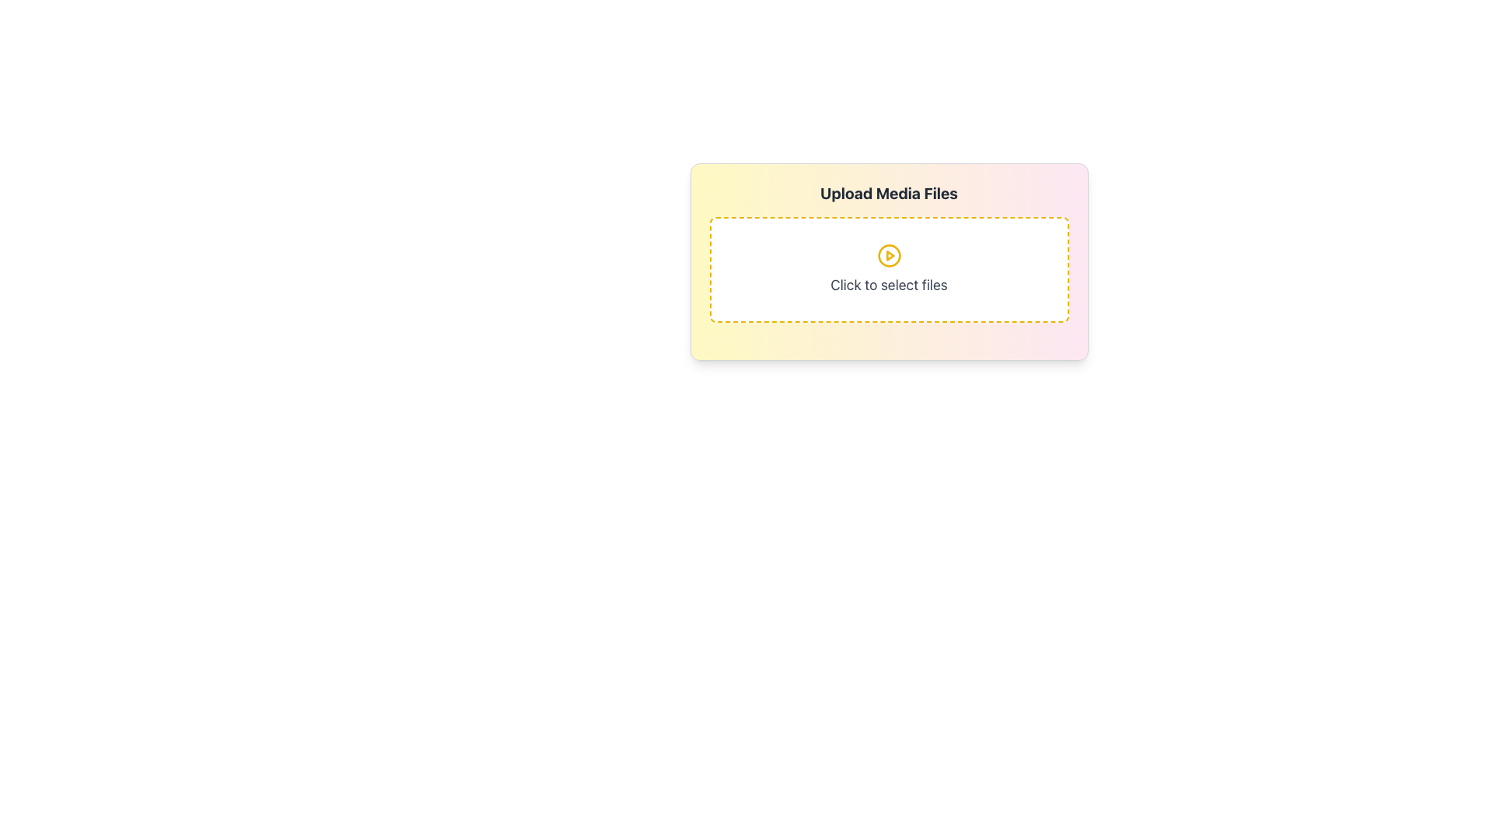 Image resolution: width=1493 pixels, height=840 pixels. Describe the element at coordinates (889, 285) in the screenshot. I see `the instructional Text Label indicating to click within the surrounding box to select files, which is centrally positioned under the yellow play button icon` at that location.